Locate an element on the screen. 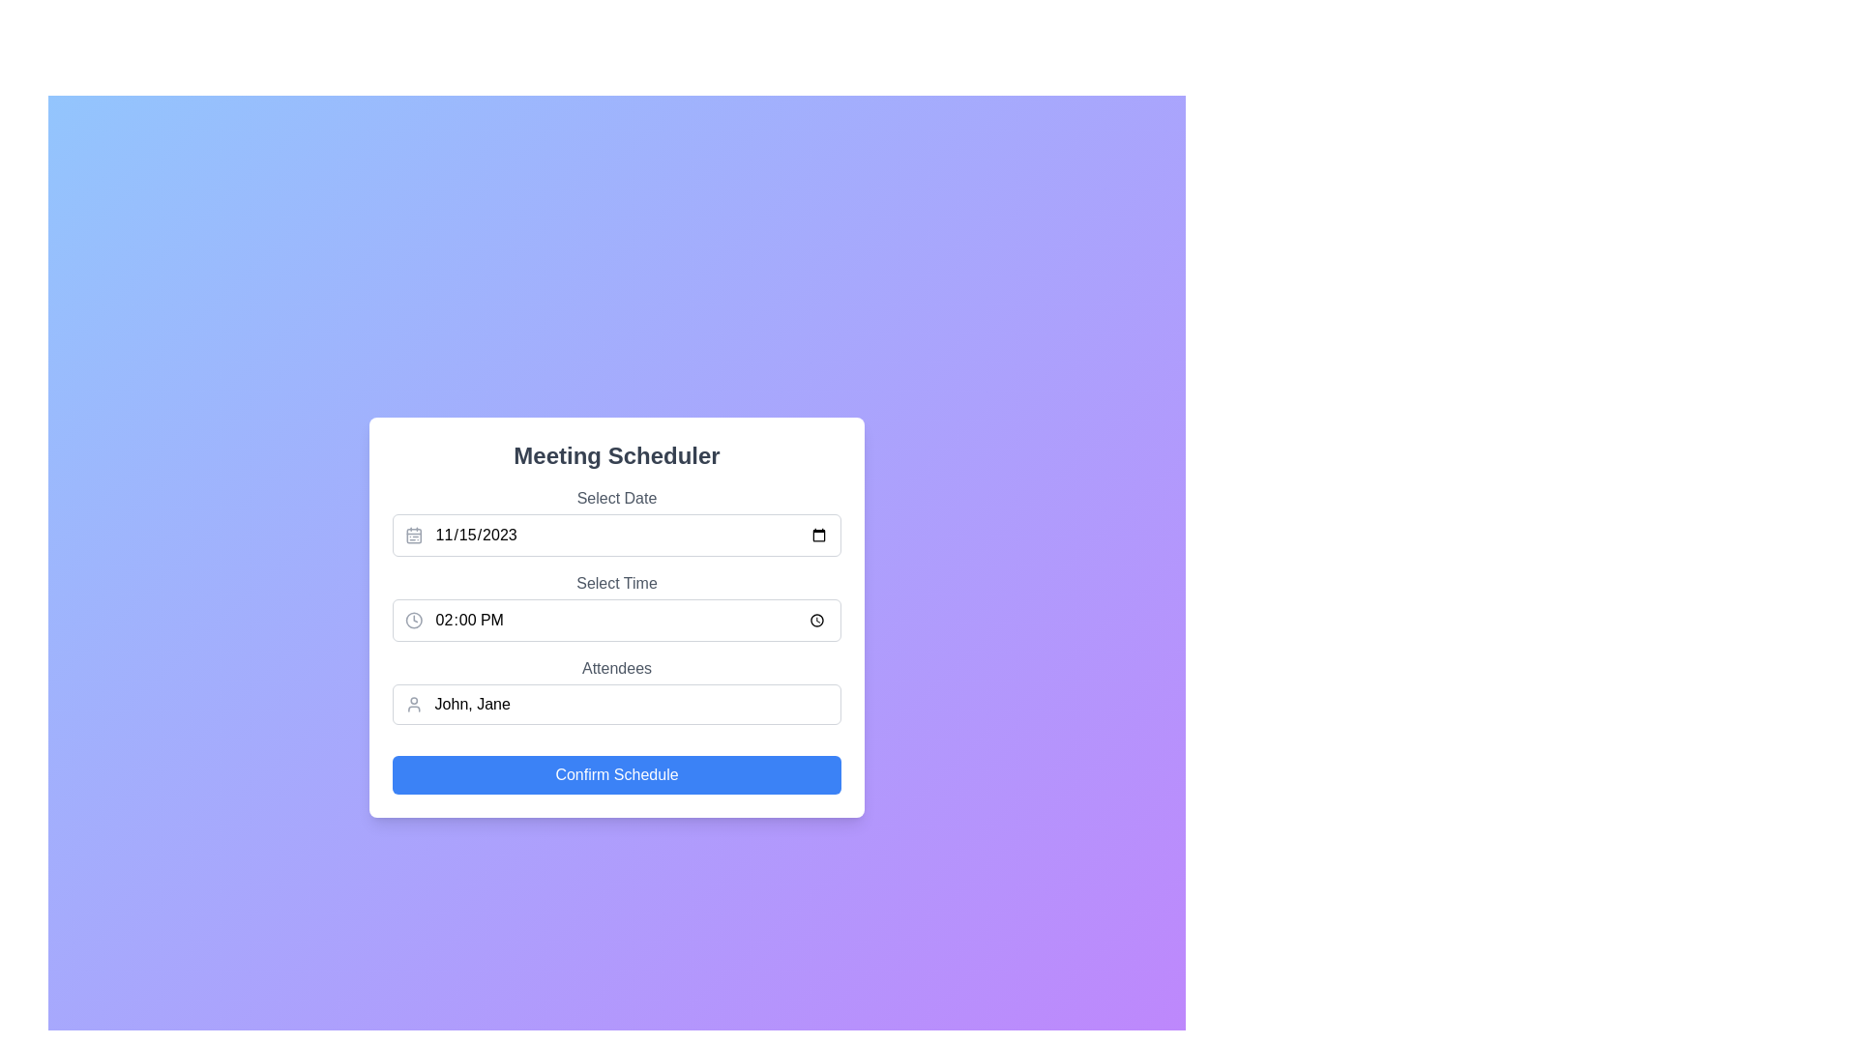  the confirmation button located at the bottom of the 'Attendees' section to observe its hover effect is located at coordinates (616, 774).